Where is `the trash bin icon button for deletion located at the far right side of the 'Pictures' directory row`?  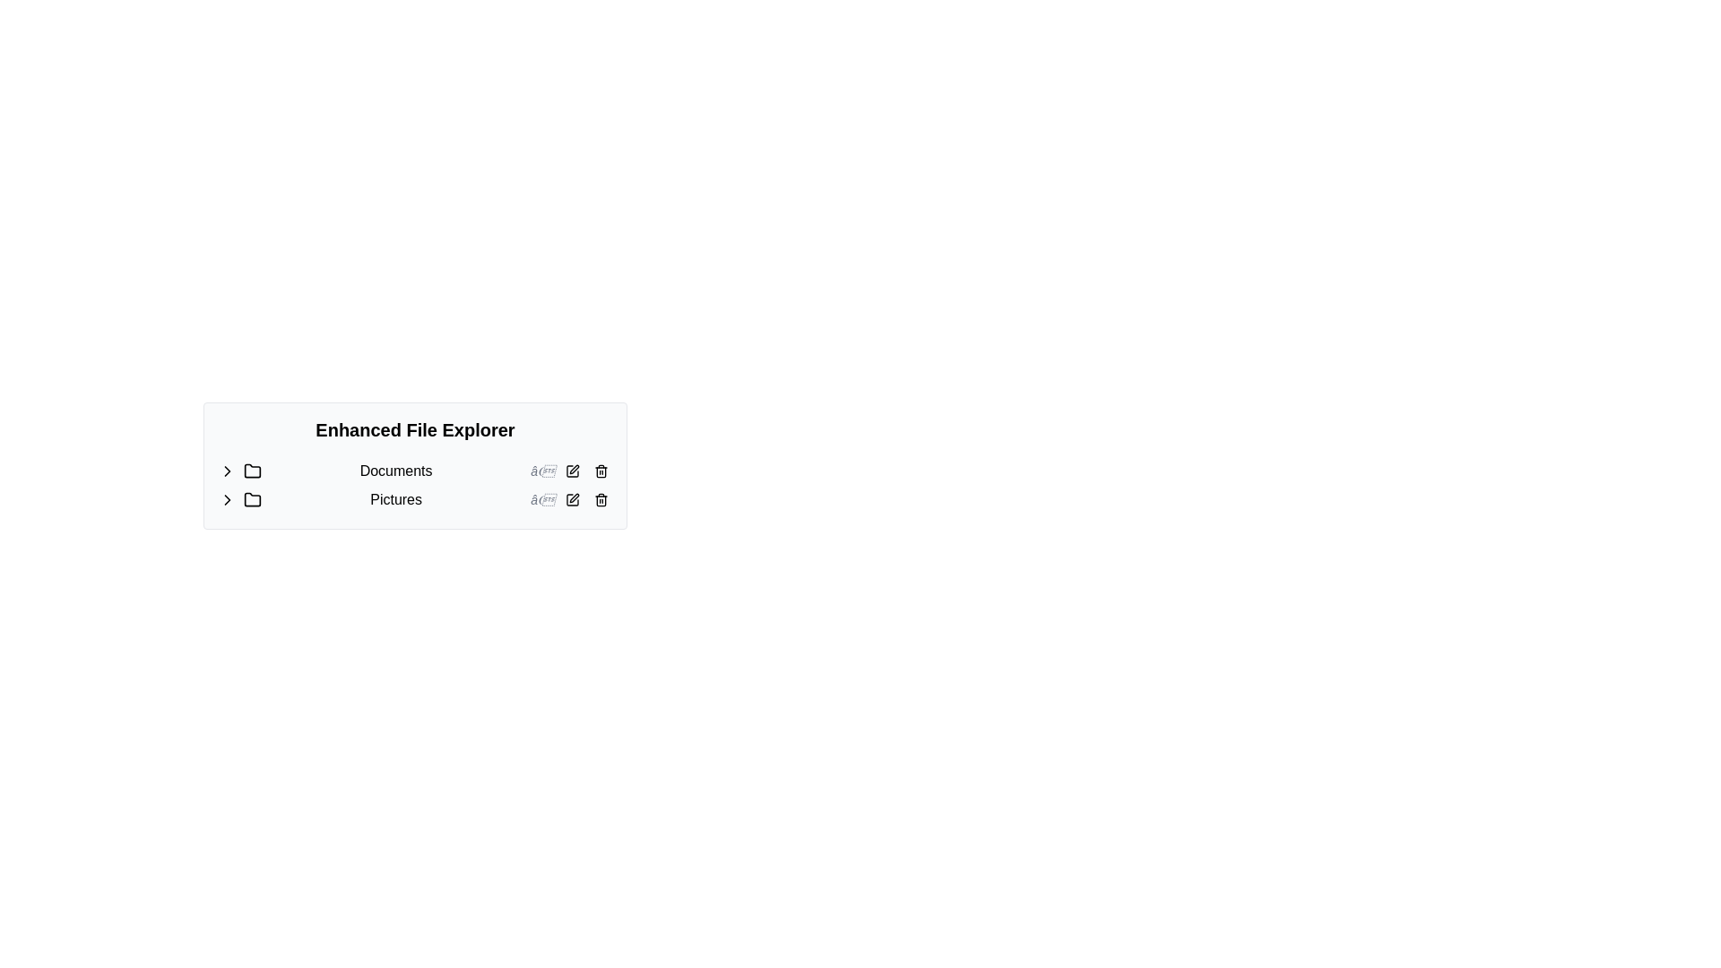 the trash bin icon button for deletion located at the far right side of the 'Pictures' directory row is located at coordinates (601, 500).